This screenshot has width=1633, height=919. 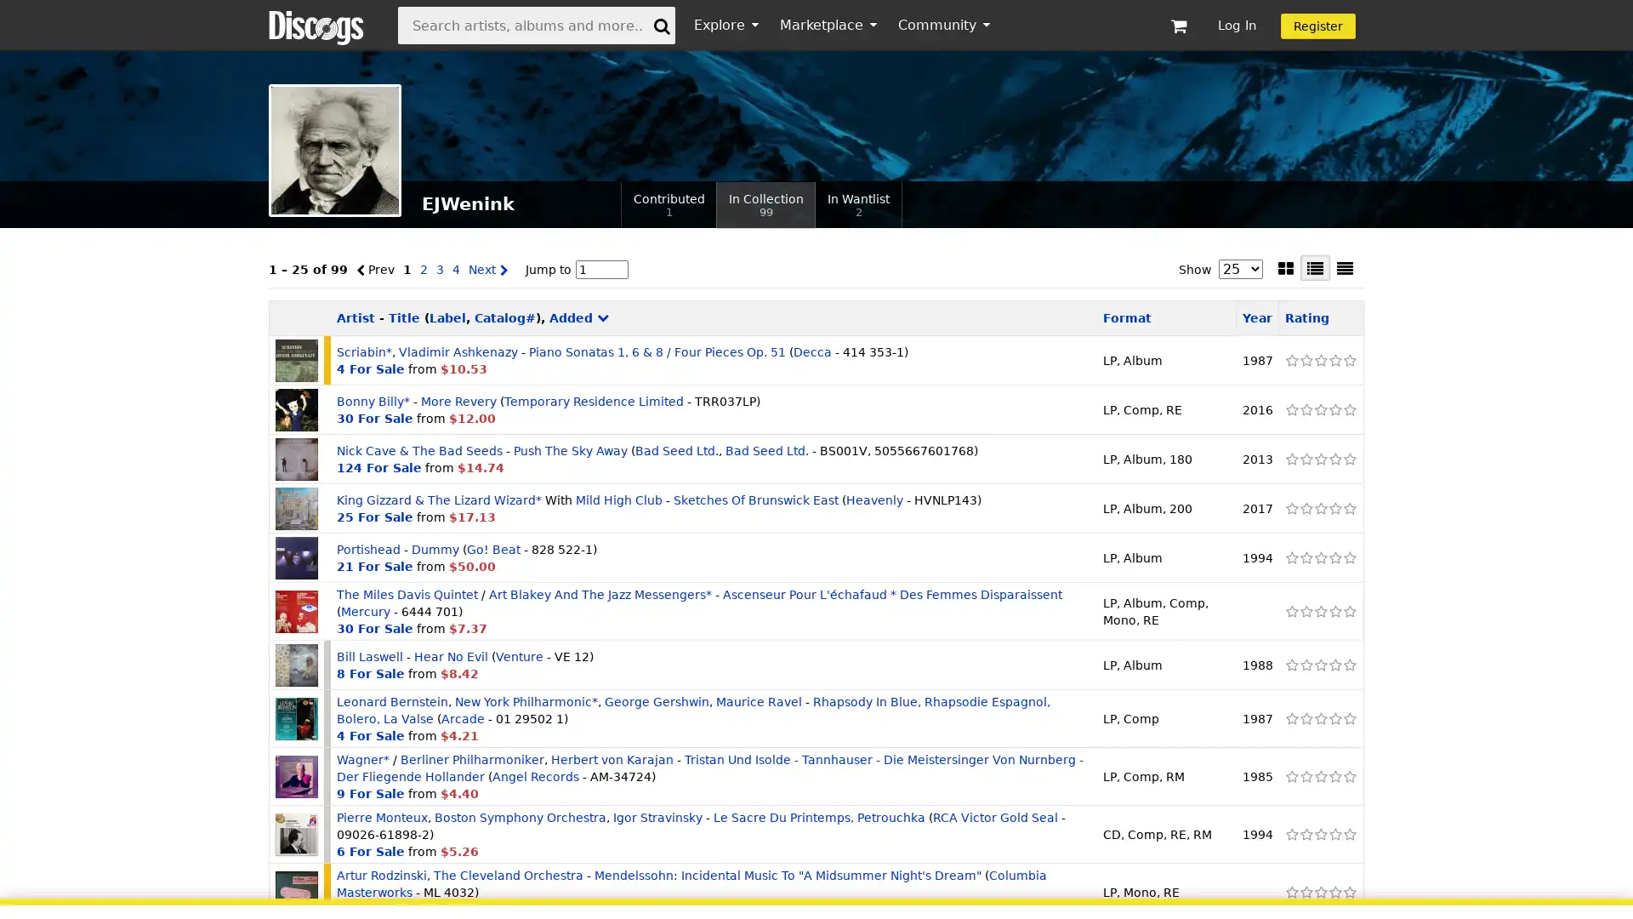 I want to click on Rate this release 3 stars., so click(x=1319, y=610).